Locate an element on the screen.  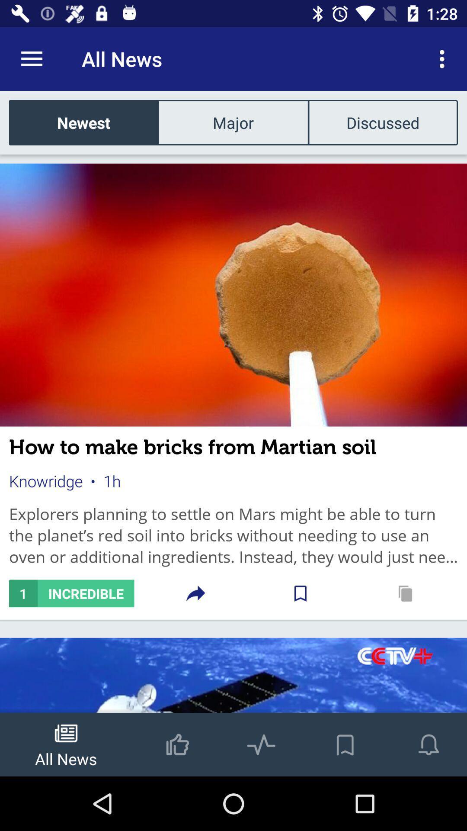
the major item is located at coordinates (233, 122).